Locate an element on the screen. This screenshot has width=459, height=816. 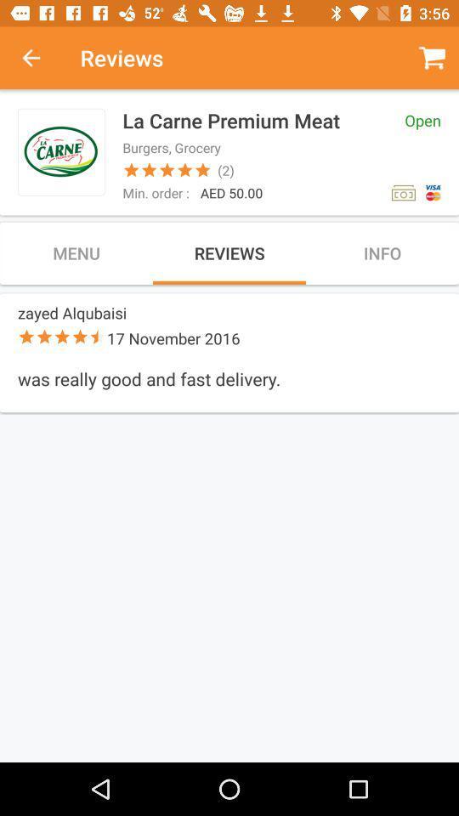
icon next to reviews item is located at coordinates (40, 58).